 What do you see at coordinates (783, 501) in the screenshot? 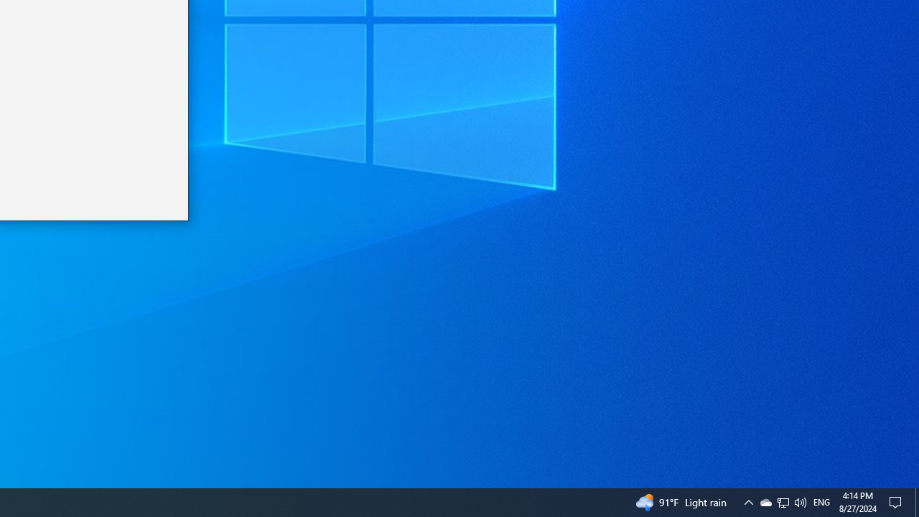
I see `'Q2790: 100%'` at bounding box center [783, 501].